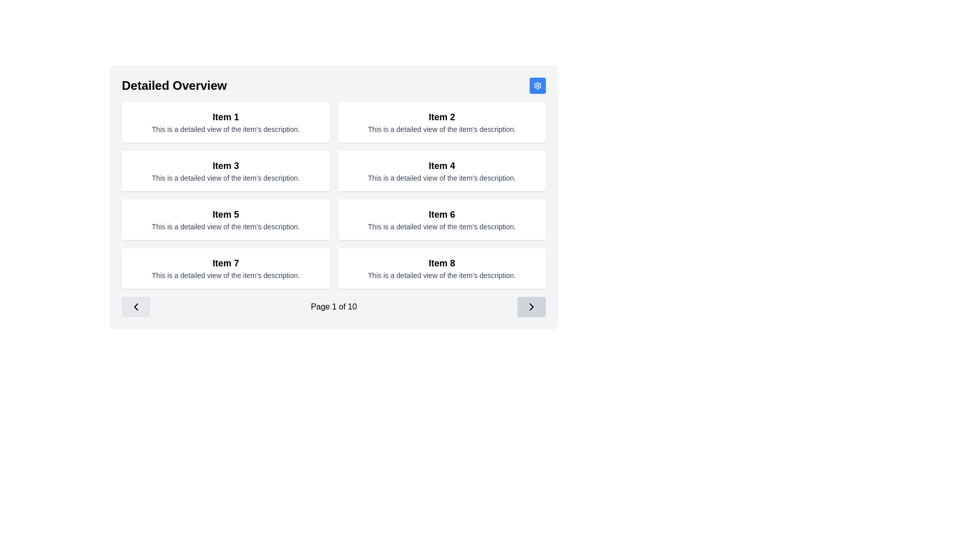 This screenshot has width=975, height=548. What do you see at coordinates (531, 306) in the screenshot?
I see `the right-pointing chevron SVG icon located at the bottom-right corner of the interface` at bounding box center [531, 306].